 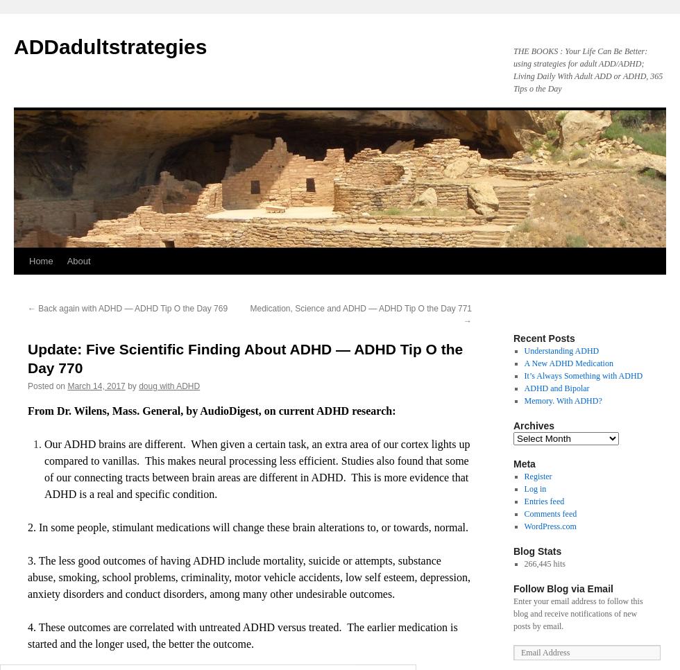 What do you see at coordinates (242, 634) in the screenshot?
I see `'4. These outcomes are correlated with untreated ADHD versus treated.  The earlier medication is started and the longer used, the better the outcome.'` at bounding box center [242, 634].